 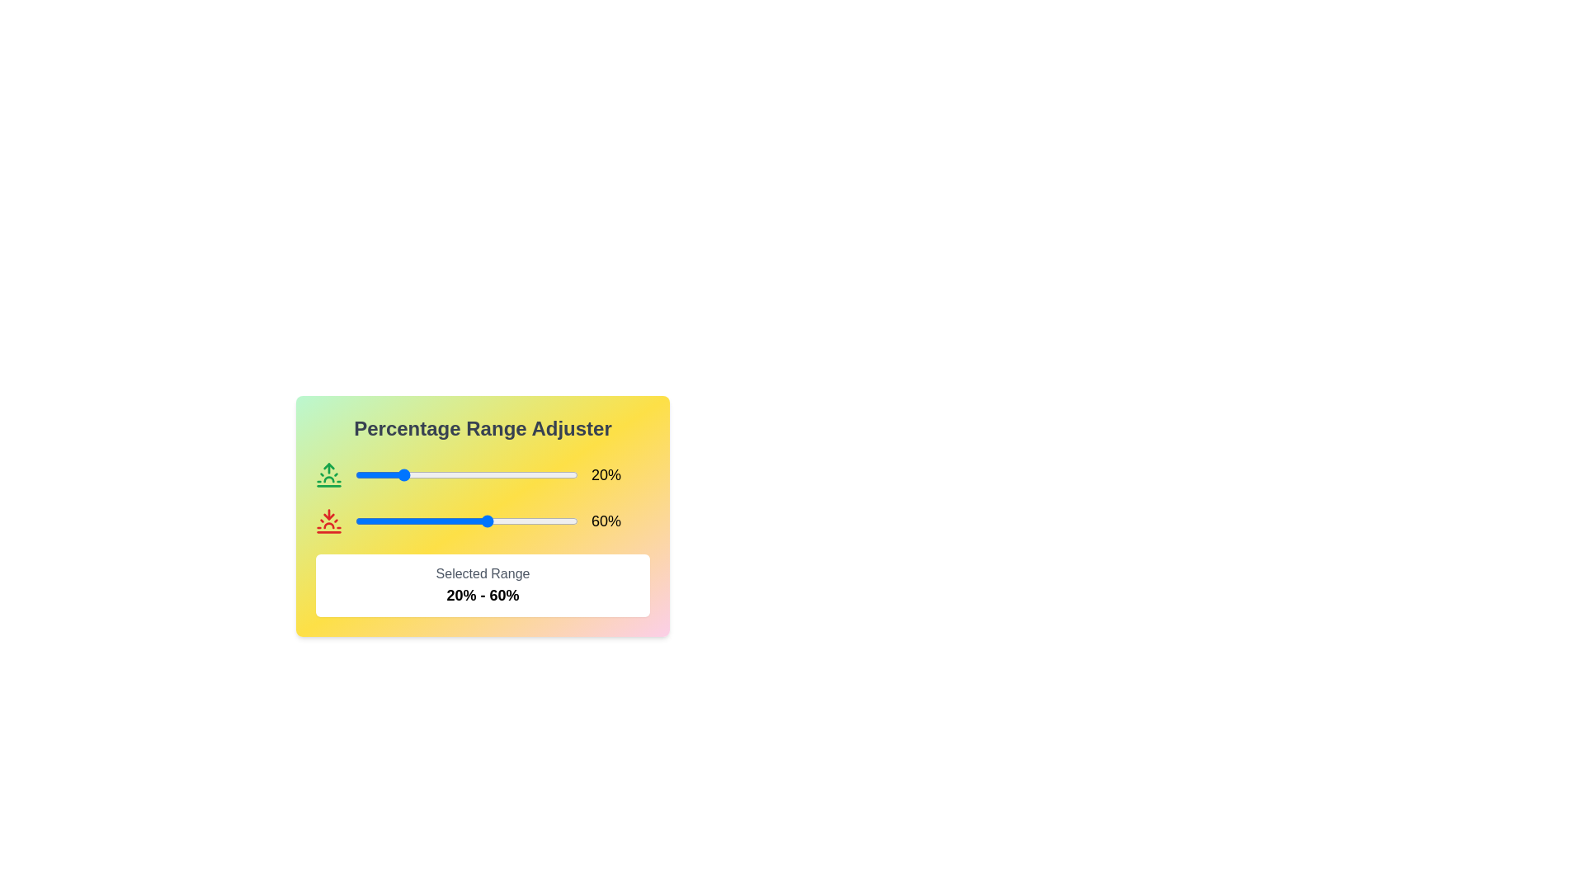 What do you see at coordinates (499, 474) in the screenshot?
I see `the slider` at bounding box center [499, 474].